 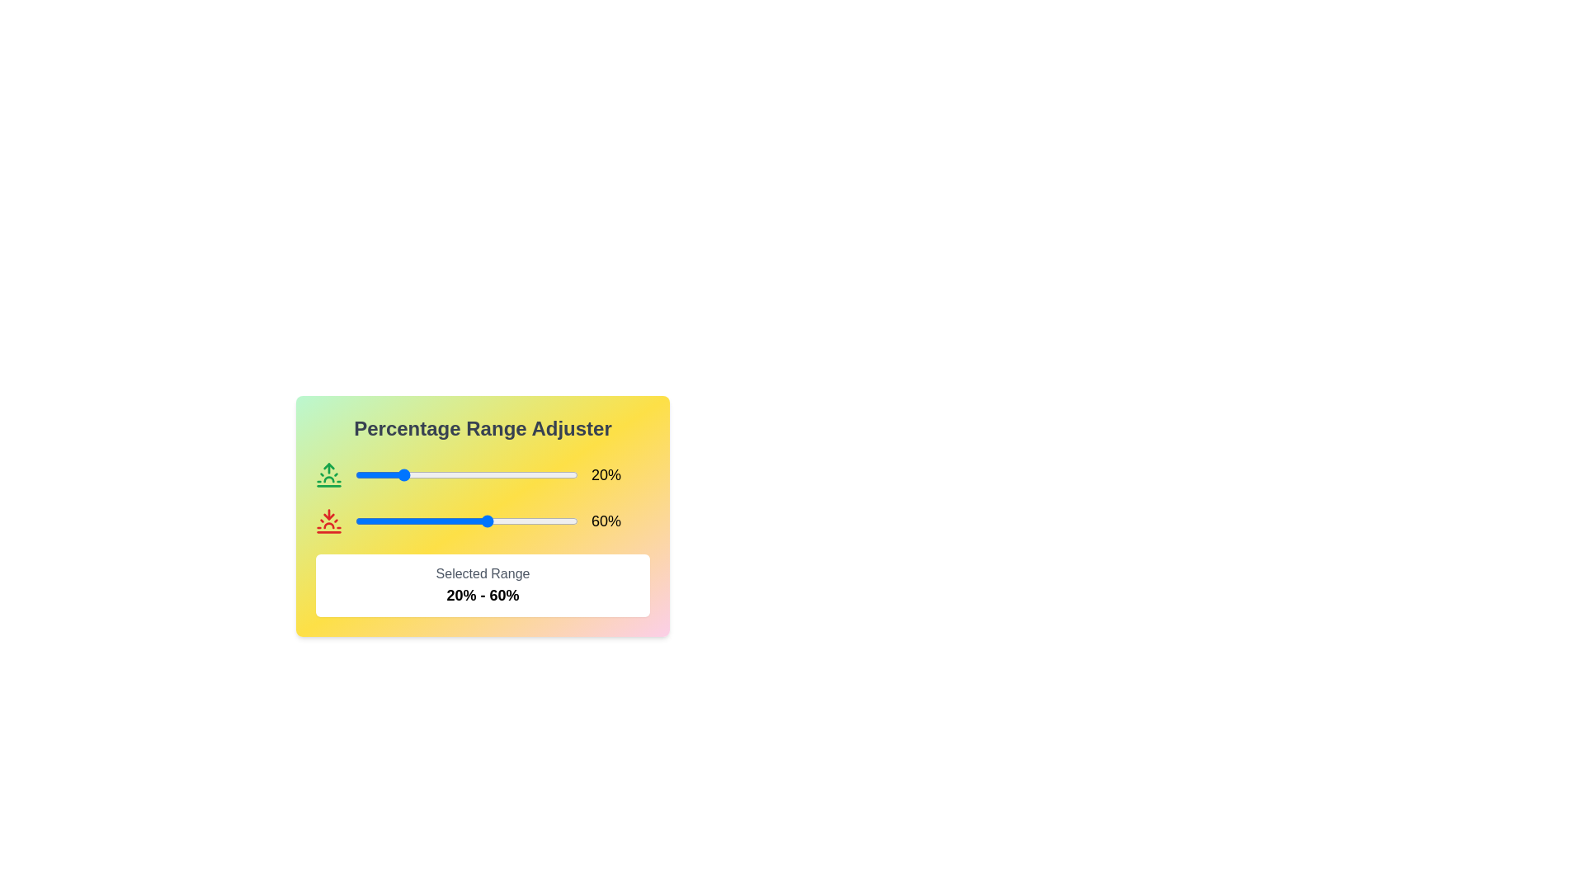 What do you see at coordinates (499, 474) in the screenshot?
I see `the slider` at bounding box center [499, 474].